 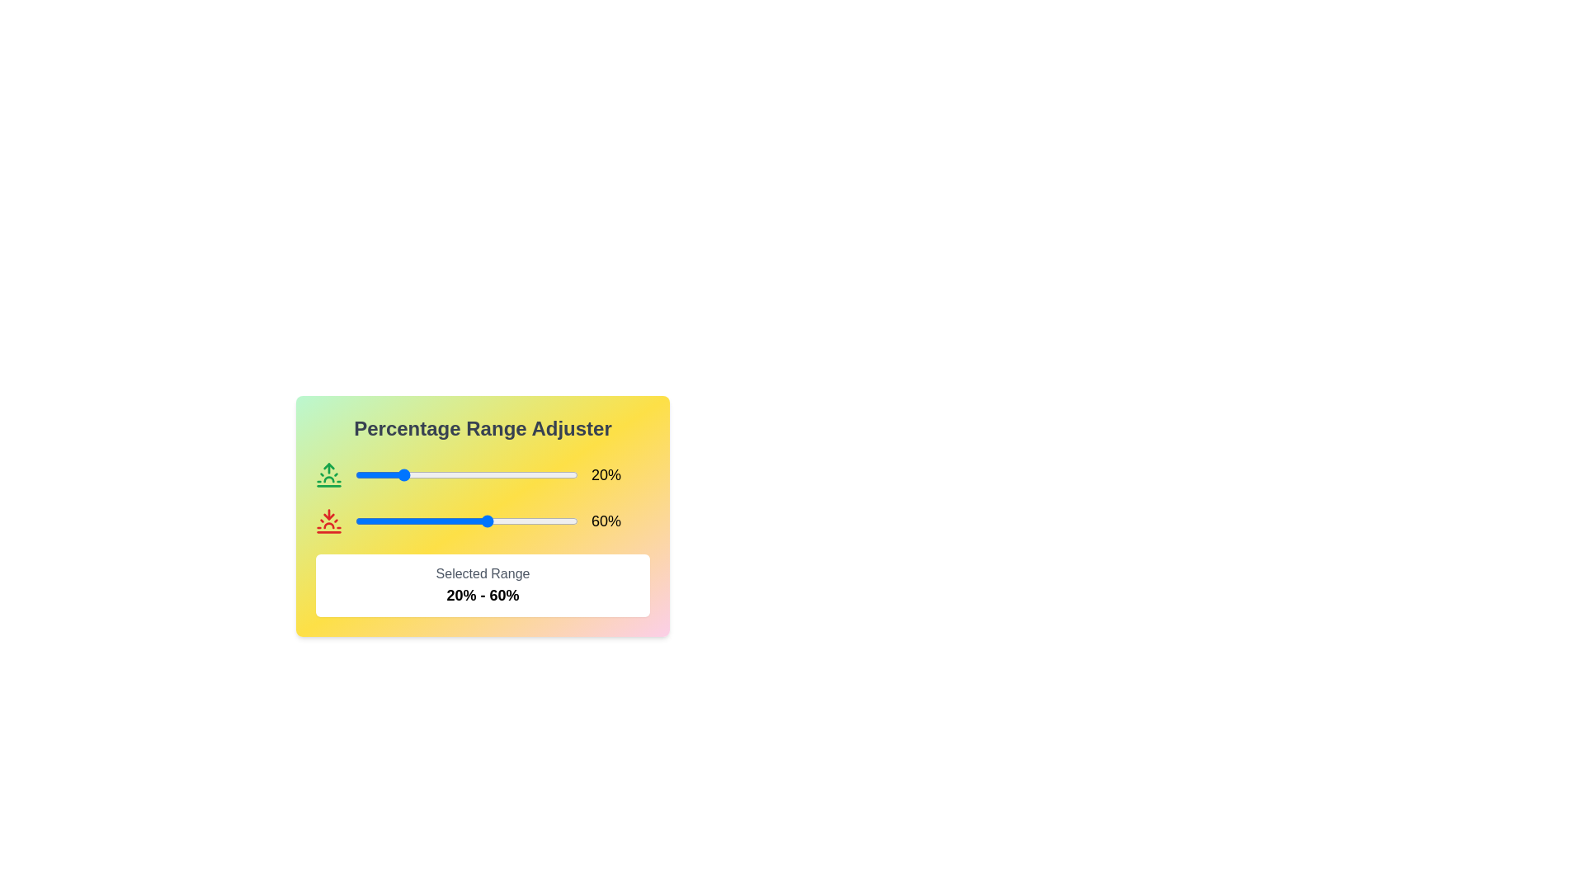 What do you see at coordinates (499, 474) in the screenshot?
I see `the slider` at bounding box center [499, 474].